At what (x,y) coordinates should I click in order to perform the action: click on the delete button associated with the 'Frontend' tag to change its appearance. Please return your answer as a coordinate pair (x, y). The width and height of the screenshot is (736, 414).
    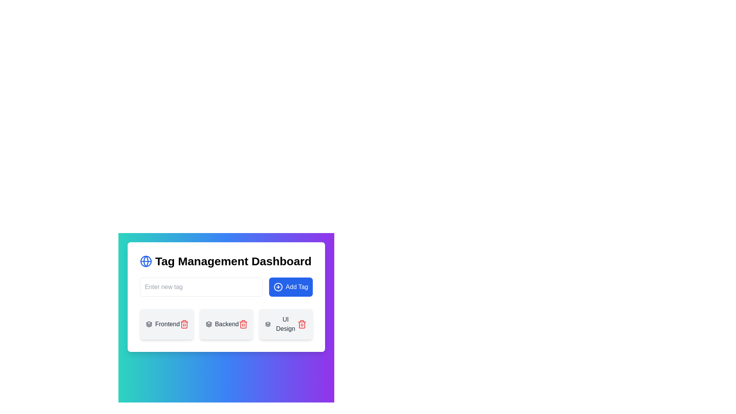
    Looking at the image, I should click on (184, 324).